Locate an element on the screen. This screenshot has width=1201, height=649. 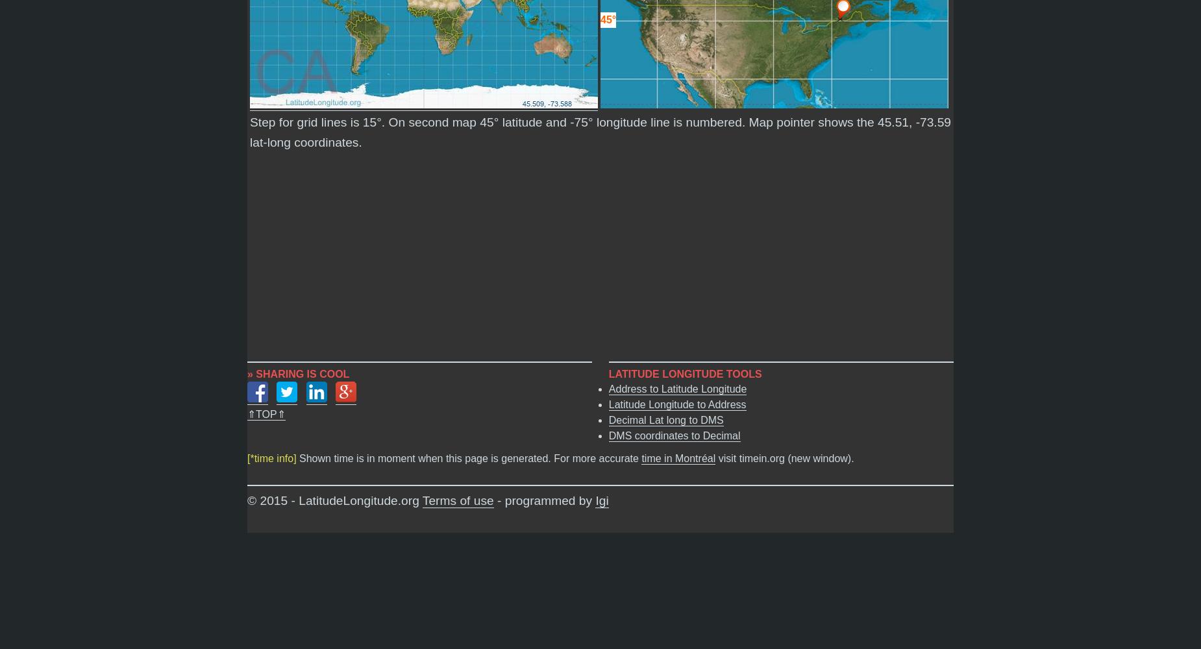
'visit timein.org (new window).' is located at coordinates (715, 457).